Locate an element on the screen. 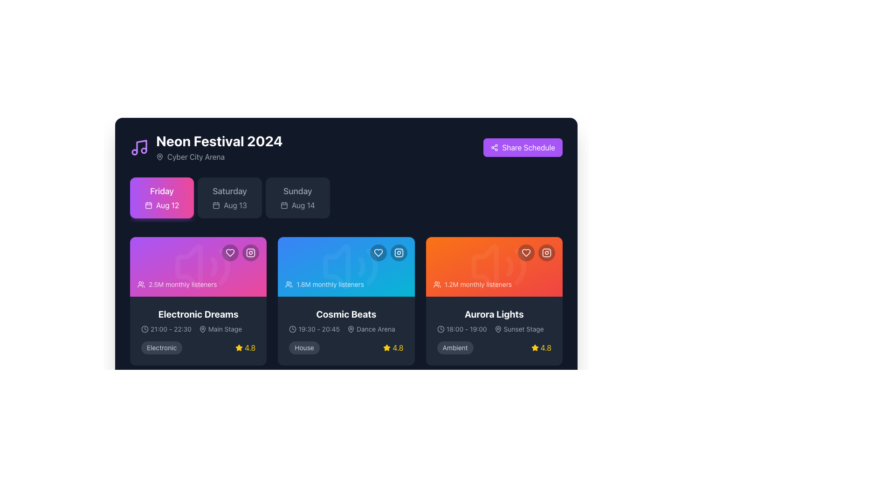  the heart-shaped blue icon representing the action of liking or favoriting, located in the top right corner of the 'Cosmic Beats' card is located at coordinates (378, 253).